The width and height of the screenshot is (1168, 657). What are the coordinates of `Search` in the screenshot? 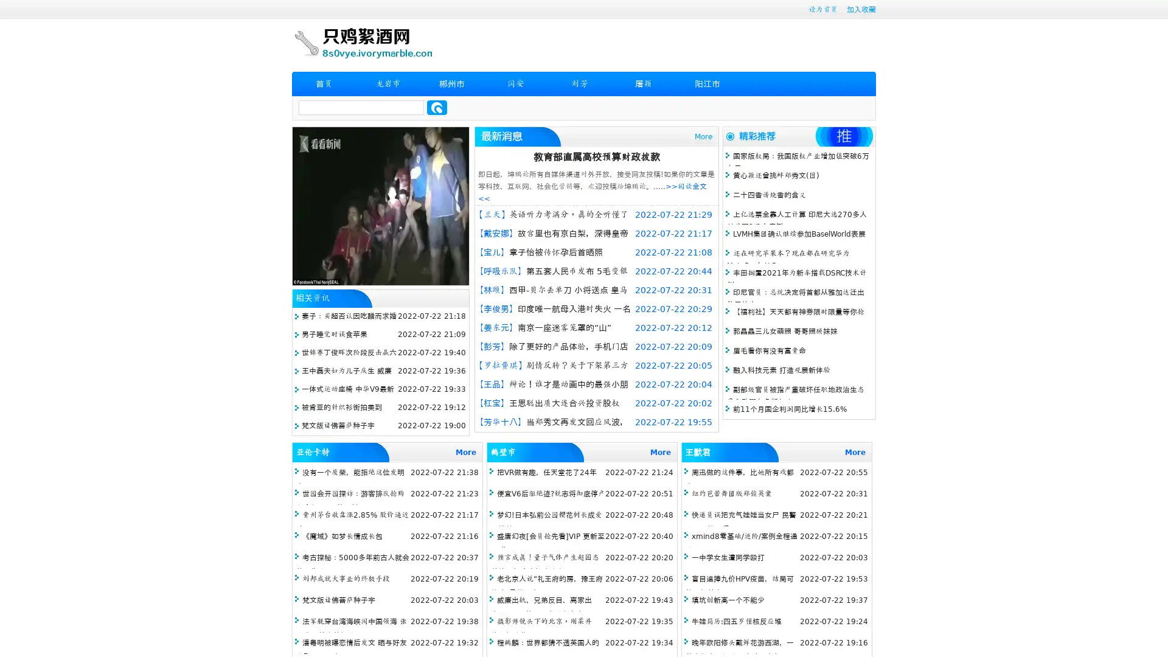 It's located at (437, 107).